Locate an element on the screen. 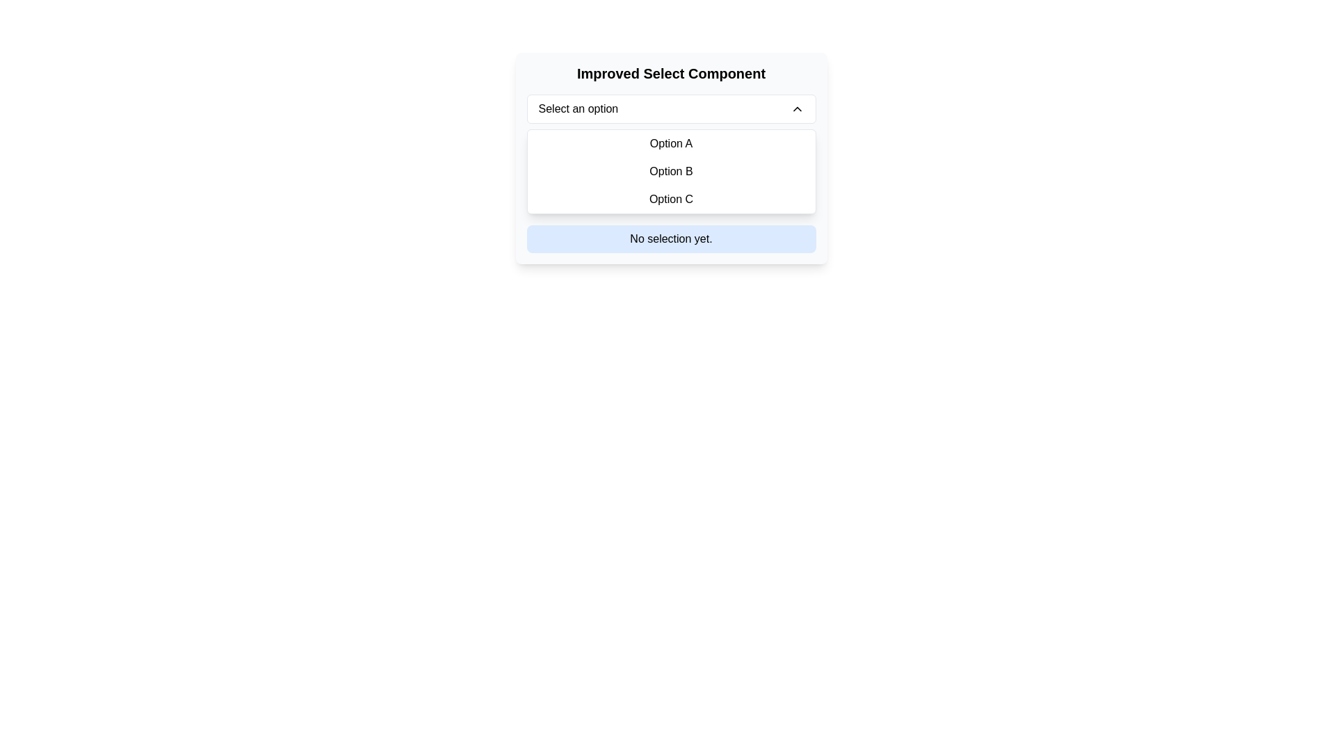 This screenshot has height=751, width=1335. the clickable list option labeled 'Option B', the second item in the vertical list is located at coordinates (671, 170).